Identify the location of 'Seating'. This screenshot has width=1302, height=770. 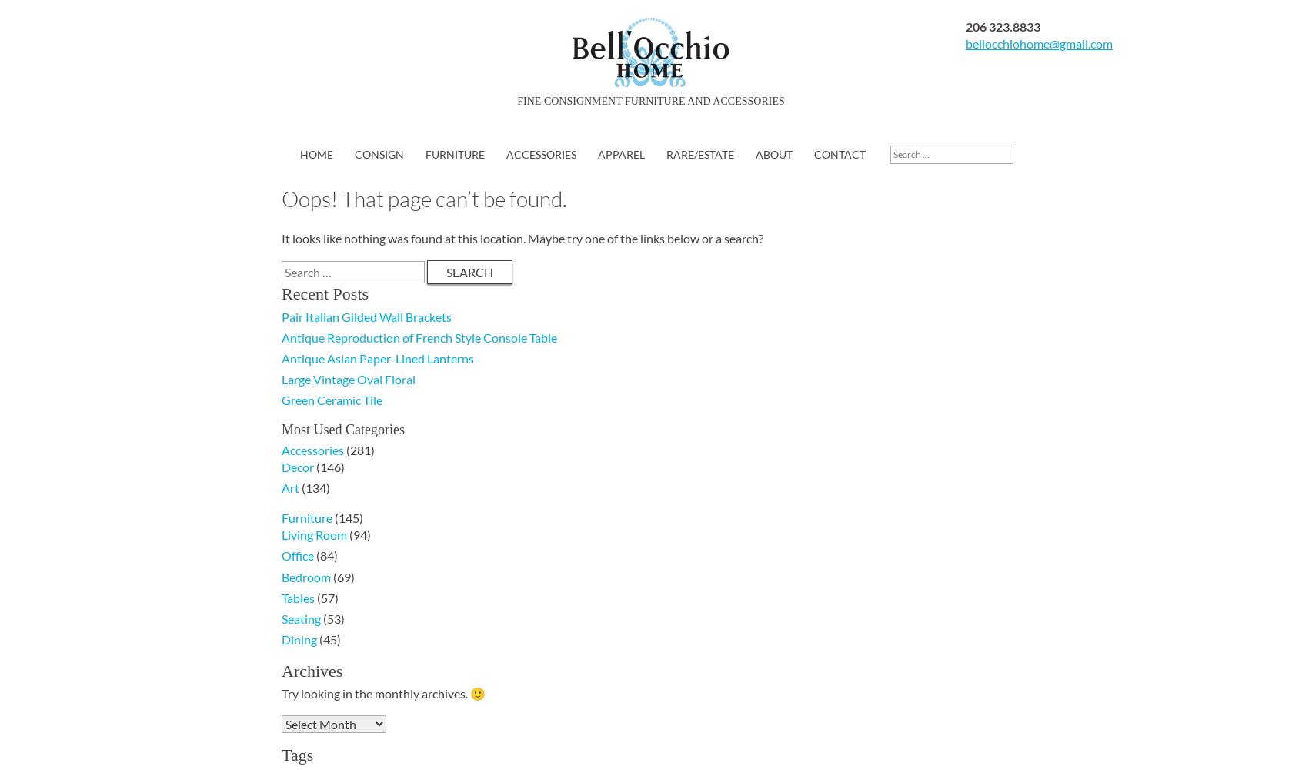
(301, 618).